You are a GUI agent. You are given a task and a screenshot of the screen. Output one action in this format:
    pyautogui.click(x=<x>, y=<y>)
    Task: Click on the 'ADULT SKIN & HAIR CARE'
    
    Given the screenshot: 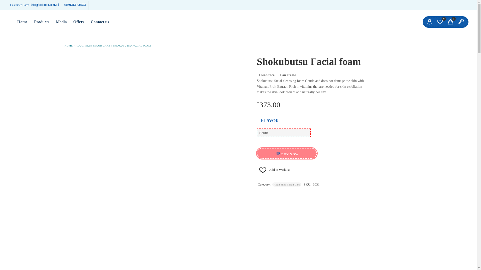 What is the action you would take?
    pyautogui.click(x=75, y=45)
    